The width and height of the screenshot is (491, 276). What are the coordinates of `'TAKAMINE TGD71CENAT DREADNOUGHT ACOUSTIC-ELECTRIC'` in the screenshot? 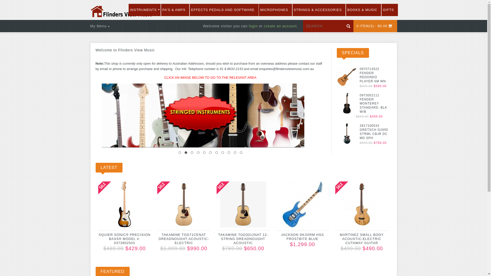 It's located at (158, 239).